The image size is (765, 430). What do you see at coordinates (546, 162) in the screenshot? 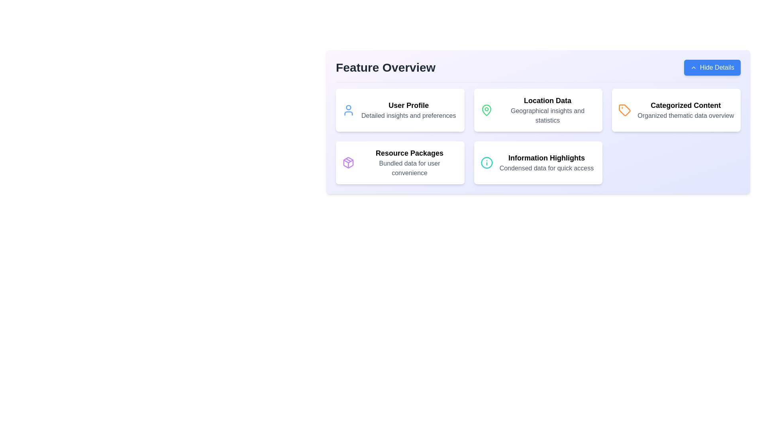
I see `the 'Information Highlights' text block located at the bottom-right corner of the grid under 'Feature Overview', which is encapsulated in a white box with rounded corners` at bounding box center [546, 162].